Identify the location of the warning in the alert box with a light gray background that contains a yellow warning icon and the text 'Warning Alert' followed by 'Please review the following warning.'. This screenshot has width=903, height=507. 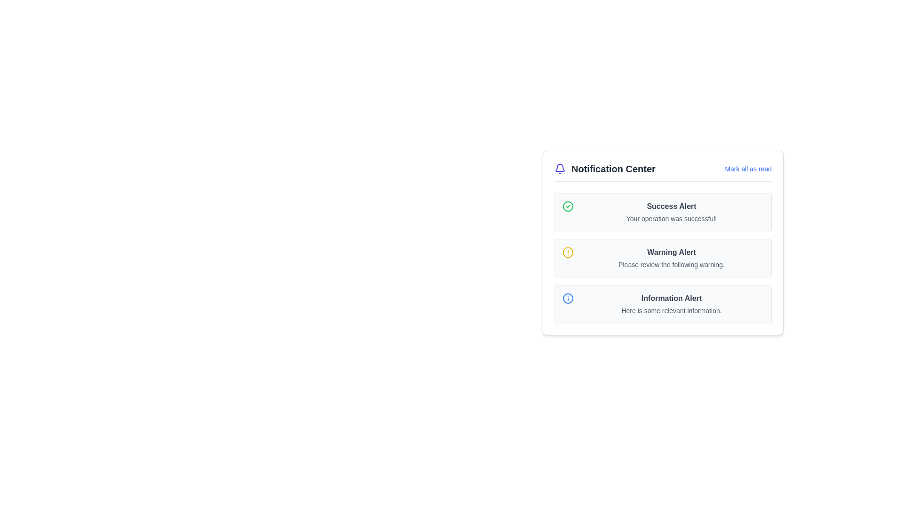
(663, 258).